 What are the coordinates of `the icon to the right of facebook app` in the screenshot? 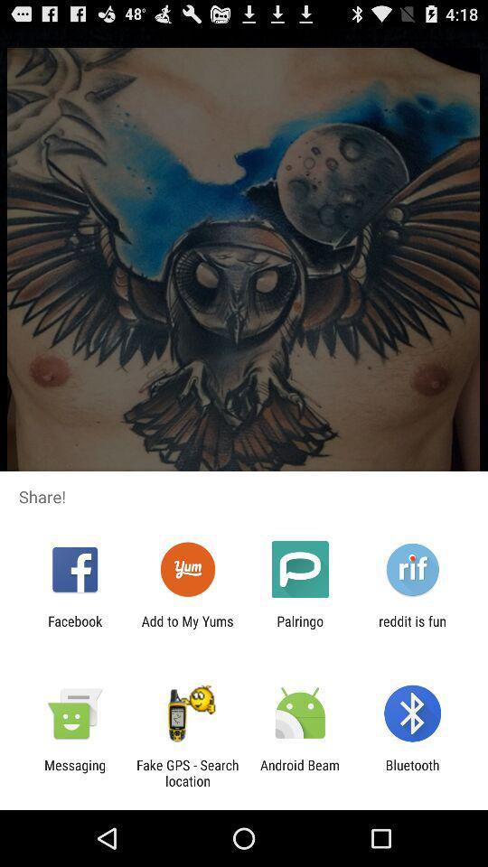 It's located at (186, 629).